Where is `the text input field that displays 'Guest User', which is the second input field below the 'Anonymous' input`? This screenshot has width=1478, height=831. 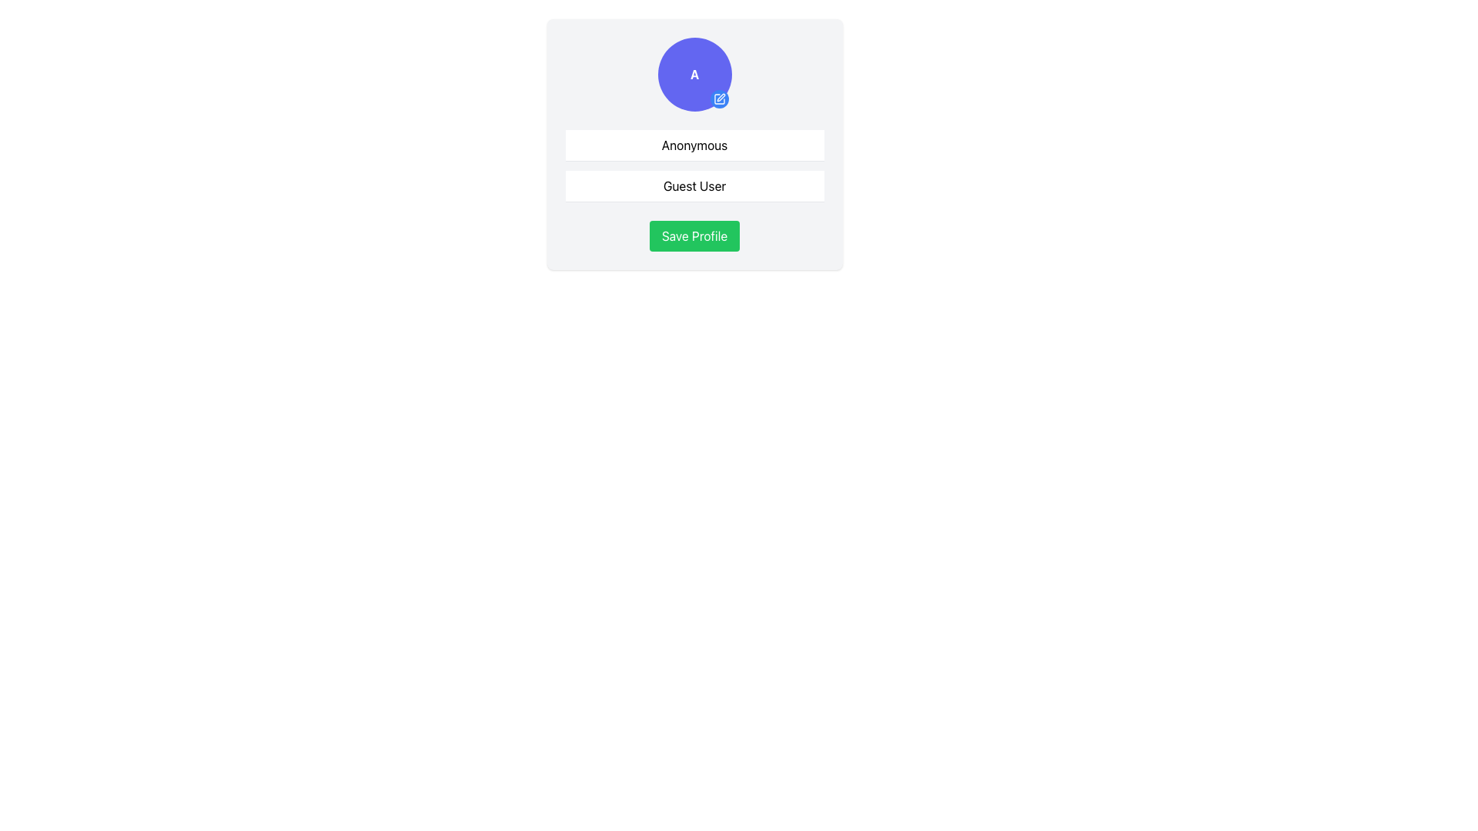 the text input field that displays 'Guest User', which is the second input field below the 'Anonymous' input is located at coordinates (694, 185).